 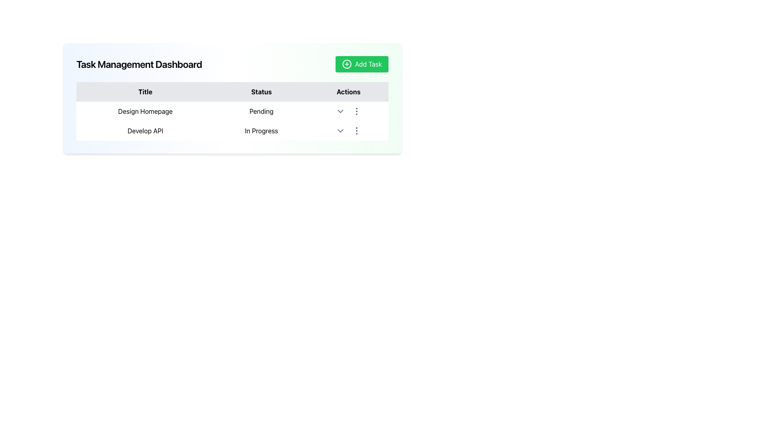 What do you see at coordinates (356, 130) in the screenshot?
I see `the vertical ellipsis icon (three gray dots) located in the Actions column of the second row of the table` at bounding box center [356, 130].